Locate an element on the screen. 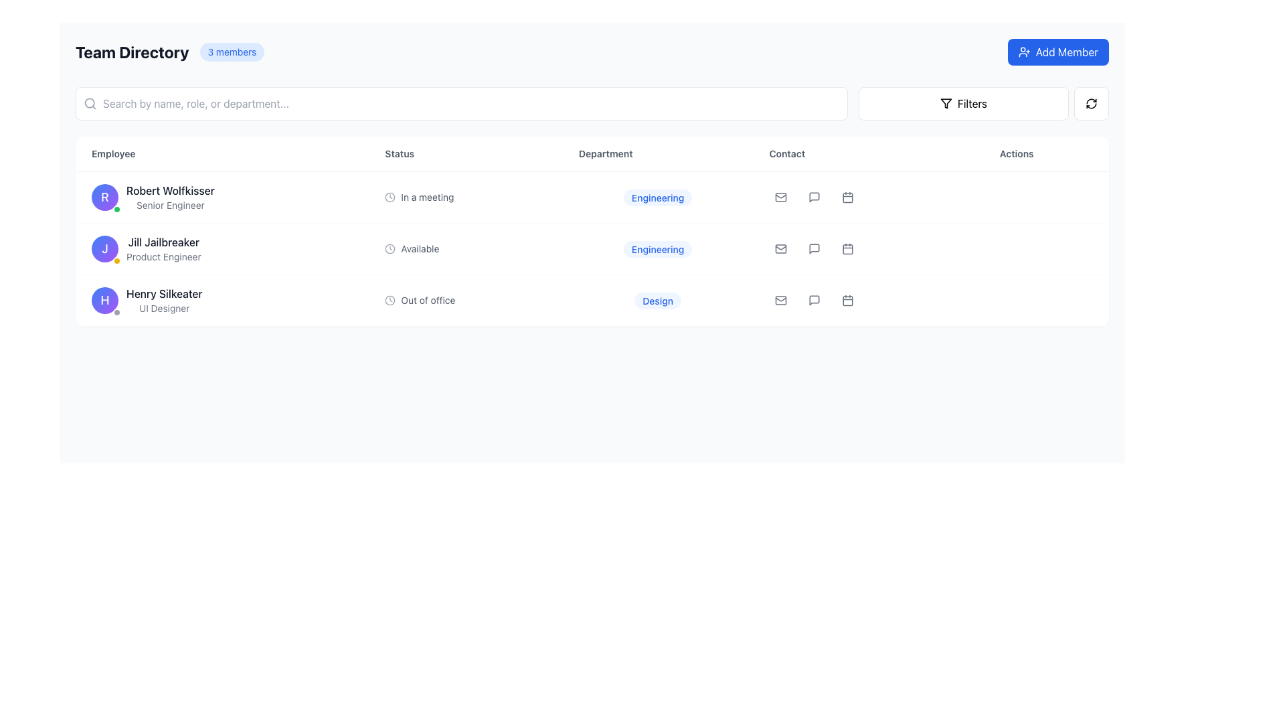 This screenshot has height=723, width=1285. avatar of the information display card for 'Jill Jailbreaker' located in the 'Employee' column of the 'Team Directory' table, which shows a status indication with a small yellow dot on the circular gradient blue-purple avatar is located at coordinates (222, 248).